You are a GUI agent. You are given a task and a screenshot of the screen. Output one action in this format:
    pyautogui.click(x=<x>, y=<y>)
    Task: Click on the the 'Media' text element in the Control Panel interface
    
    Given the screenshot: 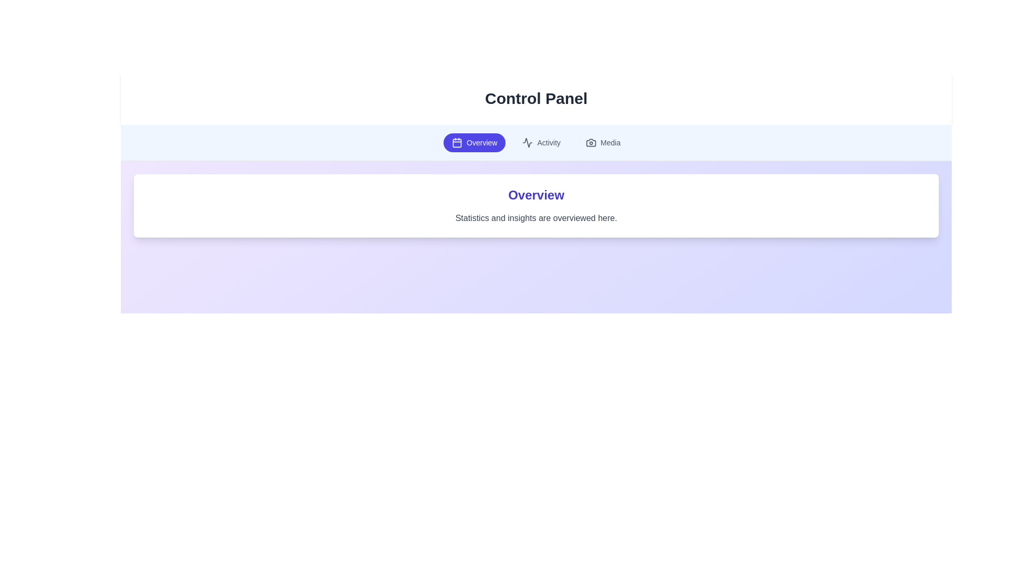 What is the action you would take?
    pyautogui.click(x=610, y=143)
    